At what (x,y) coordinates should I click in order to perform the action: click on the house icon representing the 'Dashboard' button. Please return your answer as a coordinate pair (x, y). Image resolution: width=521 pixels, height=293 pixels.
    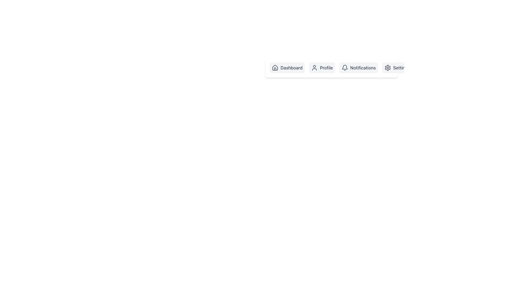
    Looking at the image, I should click on (275, 67).